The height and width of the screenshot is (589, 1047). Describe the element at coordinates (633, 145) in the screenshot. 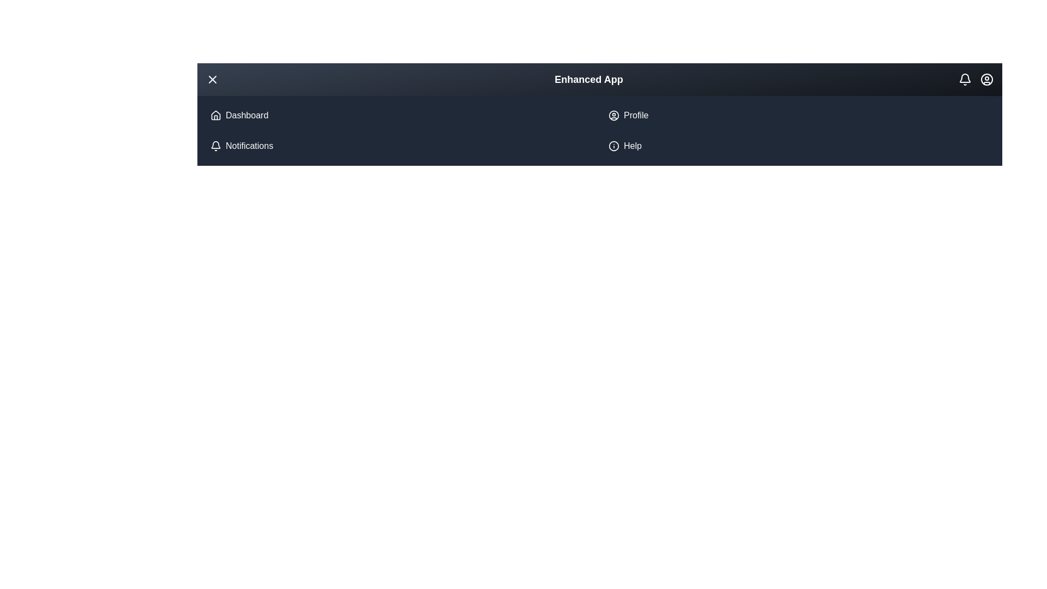

I see `the 'Help' list item in the menu` at that location.